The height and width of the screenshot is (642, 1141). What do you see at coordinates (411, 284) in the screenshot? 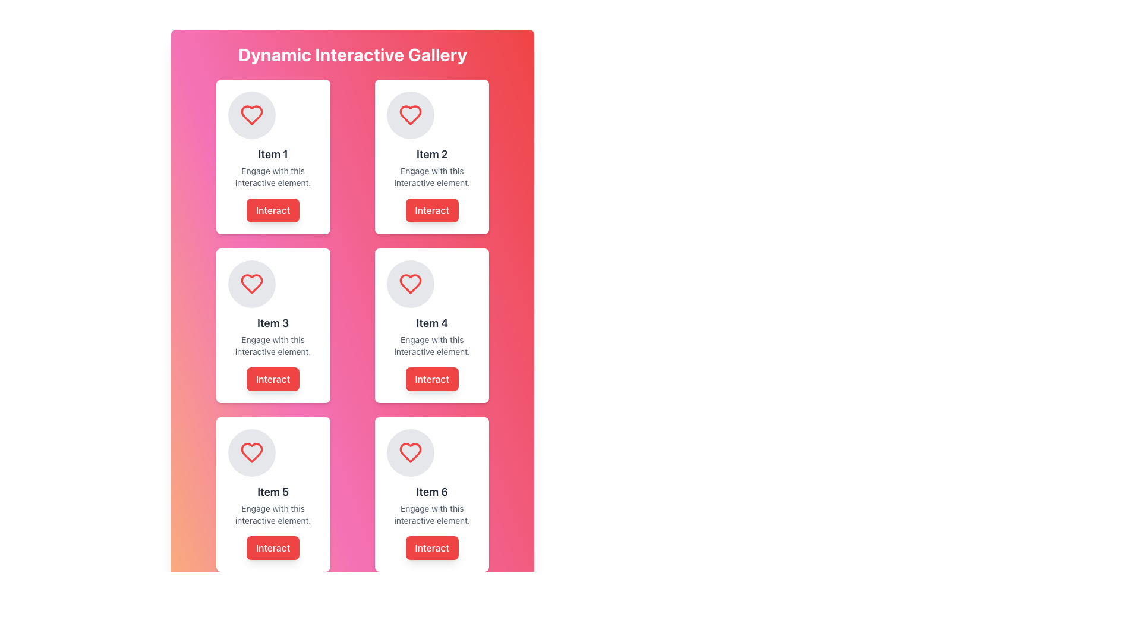
I see `the heart icon with a red line color, centrally positioned within the circular light-gray background, located in the second item of the first row in the grid layout under the card labeled 'Item 2'` at bounding box center [411, 284].